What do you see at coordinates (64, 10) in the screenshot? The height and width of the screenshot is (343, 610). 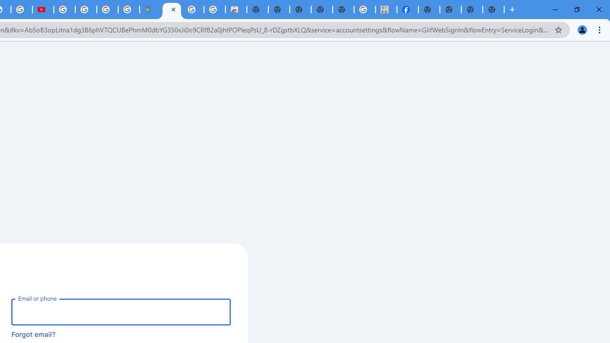 I see `'How Chrome protects your passwords - Google Chrome Help'` at bounding box center [64, 10].